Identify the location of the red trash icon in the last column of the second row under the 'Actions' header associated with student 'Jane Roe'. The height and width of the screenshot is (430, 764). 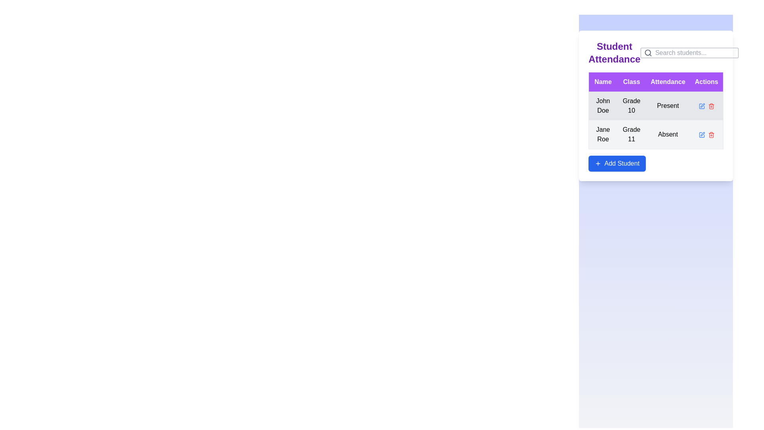
(711, 134).